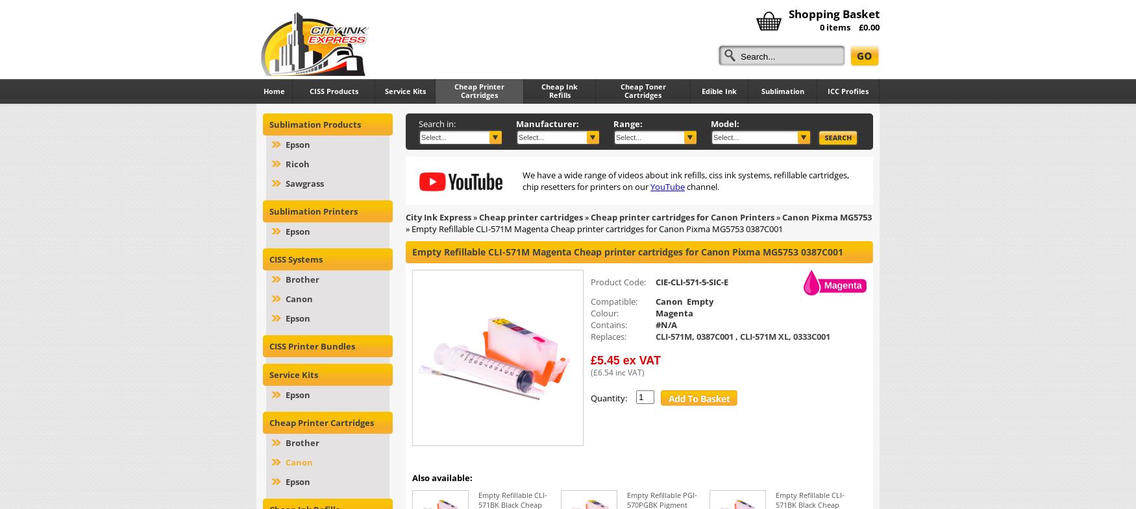 This screenshot has width=1136, height=509. Describe the element at coordinates (296, 259) in the screenshot. I see `'CISS Systems'` at that location.